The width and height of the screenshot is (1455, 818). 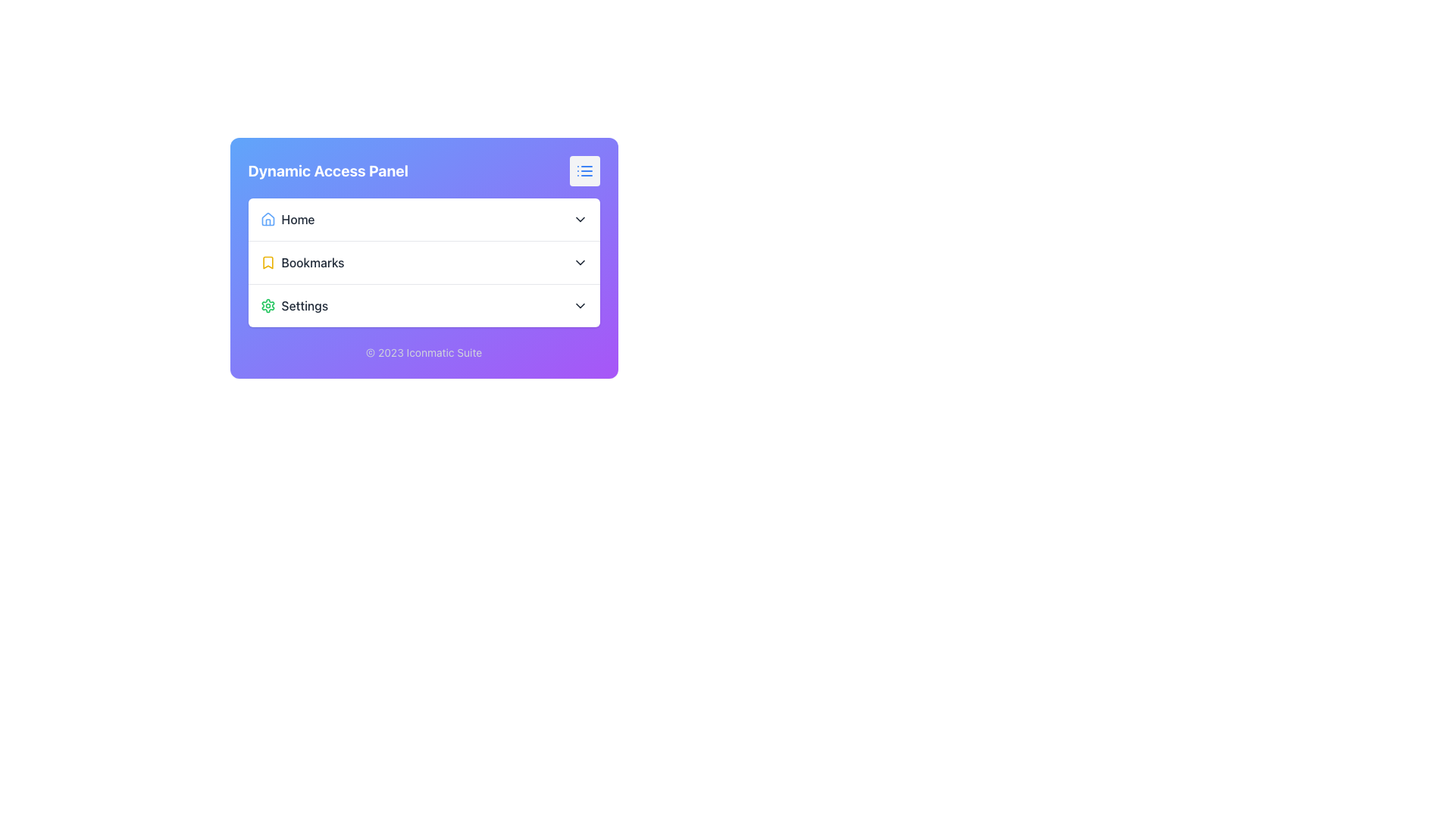 What do you see at coordinates (294, 306) in the screenshot?
I see `the third clickable menu item labeled 'Settings' with a green gear icon` at bounding box center [294, 306].